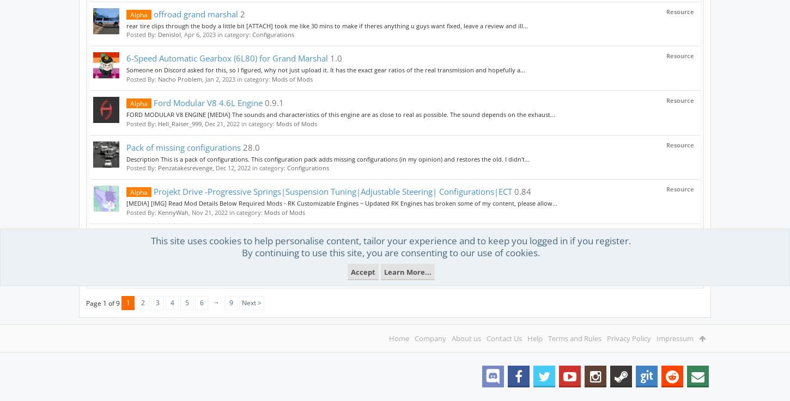 This screenshot has width=790, height=401. Describe the element at coordinates (169, 34) in the screenshot. I see `'Denislol'` at that location.